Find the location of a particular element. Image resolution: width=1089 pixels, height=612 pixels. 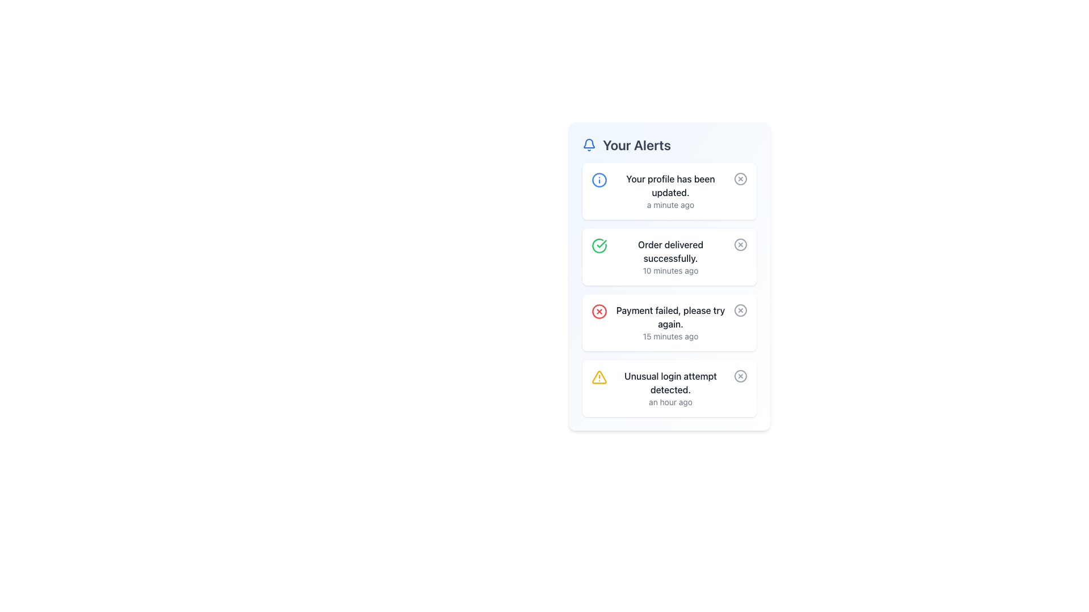

text label displaying 'Your Alerts', which is prominently positioned at the top left of the notification panel and aligned horizontally with the bell icon to its left is located at coordinates (637, 144).